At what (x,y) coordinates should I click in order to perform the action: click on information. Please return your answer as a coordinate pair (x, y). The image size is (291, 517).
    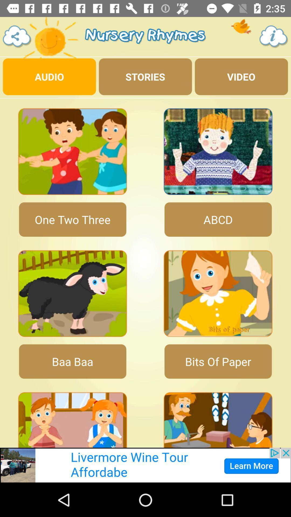
    Looking at the image, I should click on (274, 36).